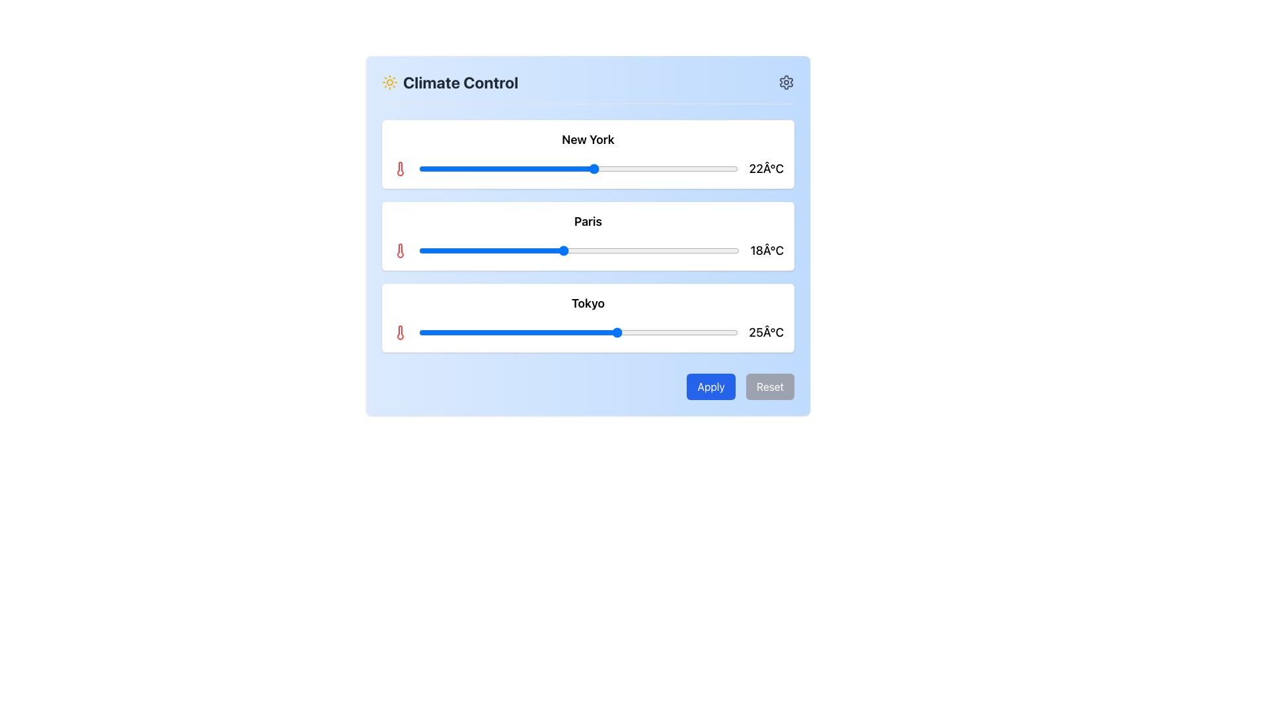 This screenshot has width=1269, height=713. I want to click on the red thermometer icon located to the immediate left of the slider bar in the 'New York' climate control section, so click(399, 168).